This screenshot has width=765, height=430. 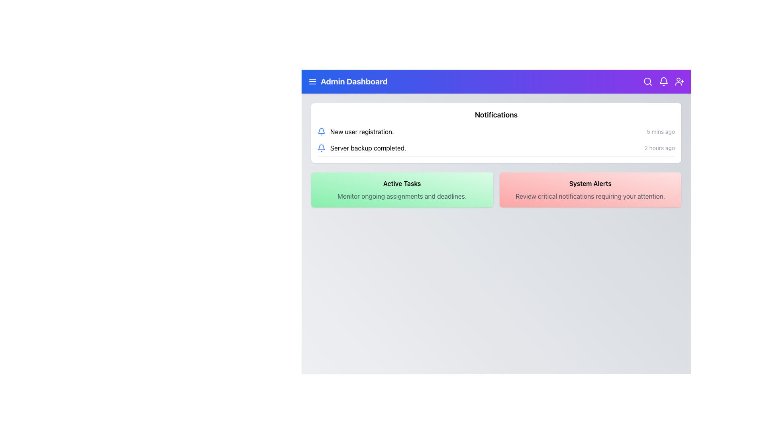 What do you see at coordinates (647, 81) in the screenshot?
I see `the circular magnifying glass icon located in the top-right corner of the interface` at bounding box center [647, 81].